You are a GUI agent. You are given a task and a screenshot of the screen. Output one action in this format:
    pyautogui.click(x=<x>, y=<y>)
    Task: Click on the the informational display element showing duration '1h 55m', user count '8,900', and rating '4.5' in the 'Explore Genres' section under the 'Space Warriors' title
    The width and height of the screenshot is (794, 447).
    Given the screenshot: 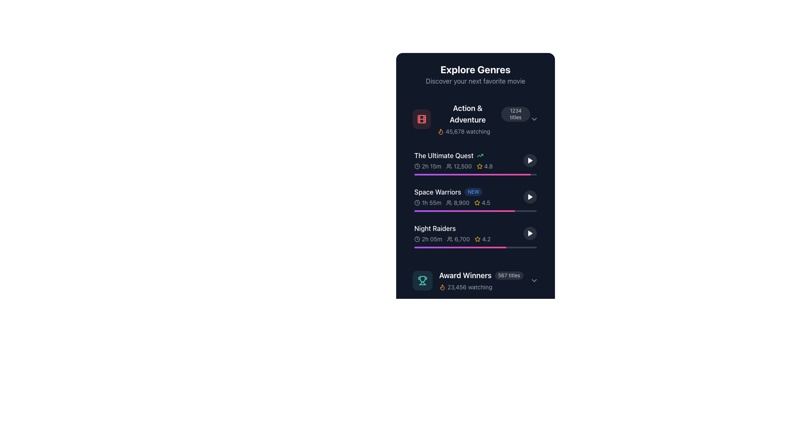 What is the action you would take?
    pyautogui.click(x=469, y=202)
    